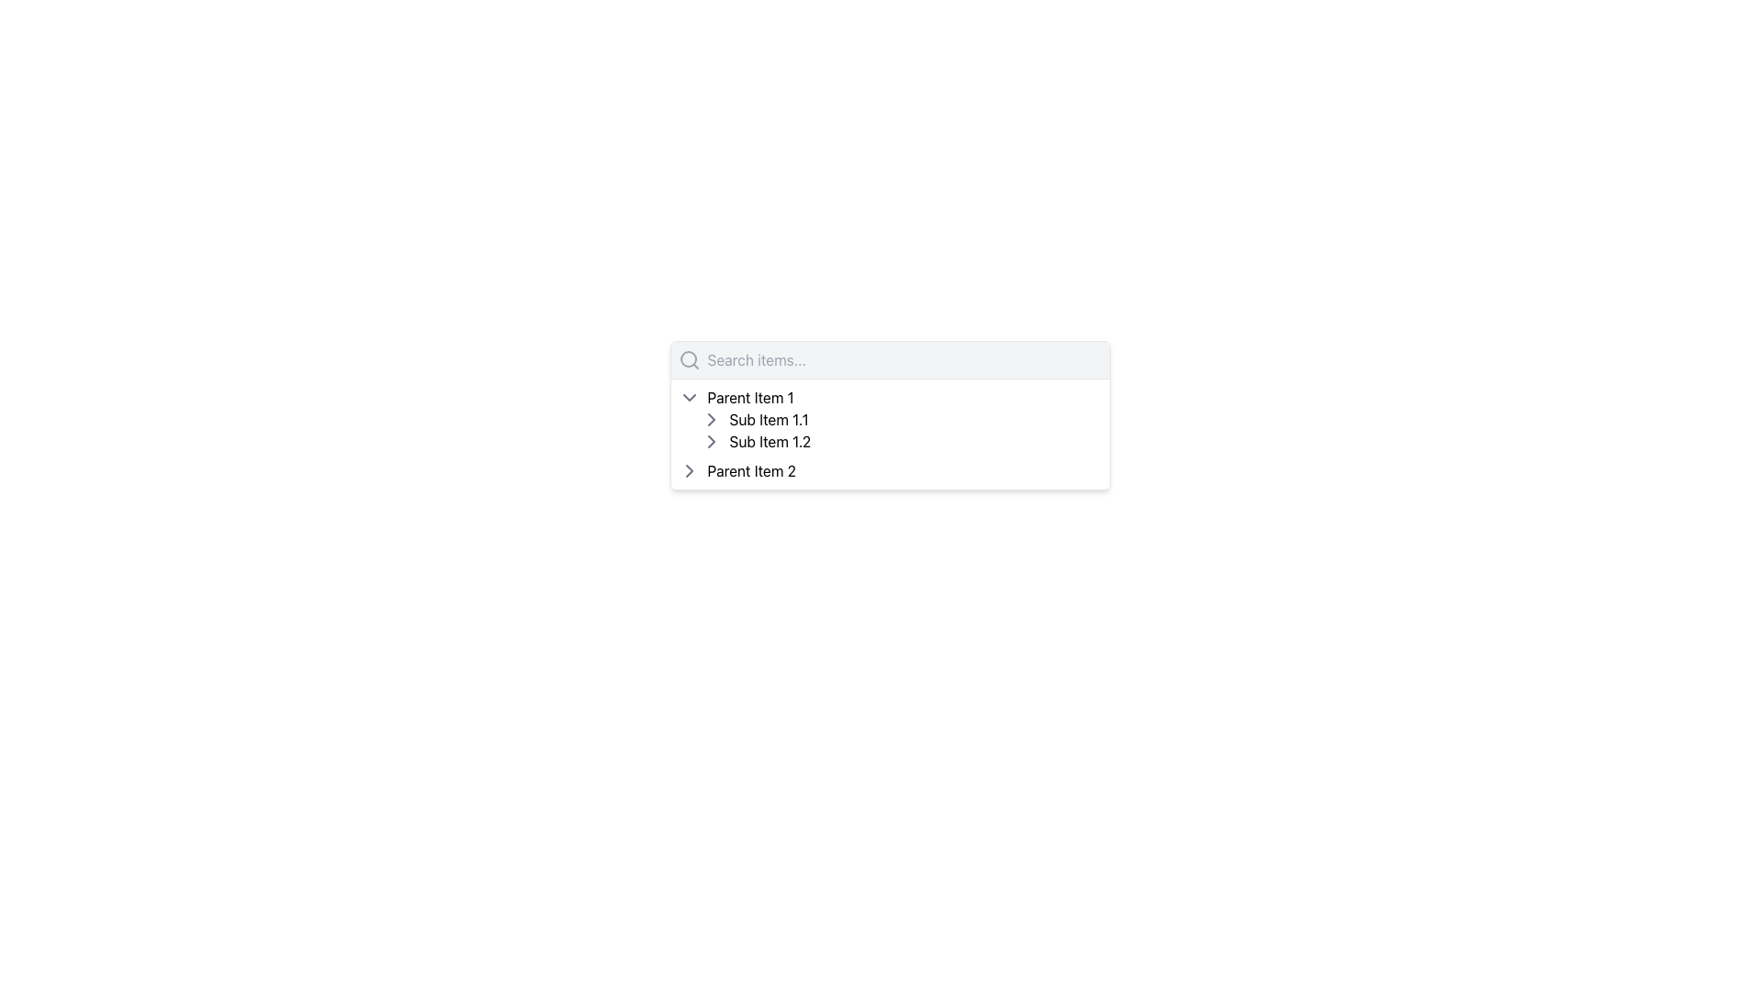  What do you see at coordinates (890, 415) in the screenshot?
I see `the Searchable Hierarchical List located centrally beneath the search bar` at bounding box center [890, 415].